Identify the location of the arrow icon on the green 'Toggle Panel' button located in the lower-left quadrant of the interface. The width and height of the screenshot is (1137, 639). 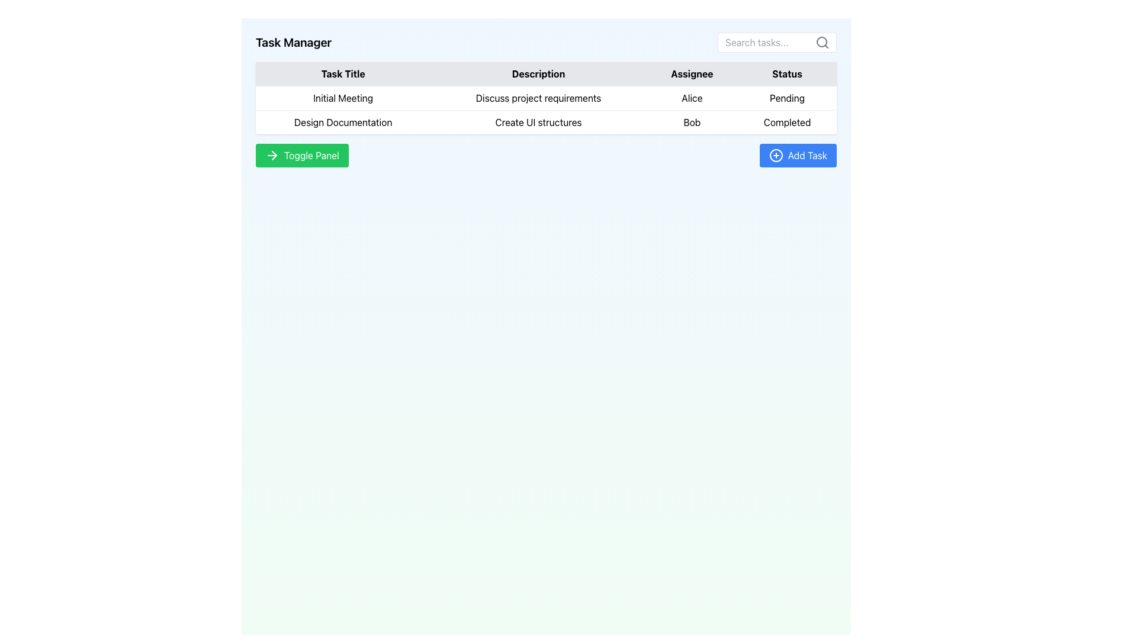
(272, 154).